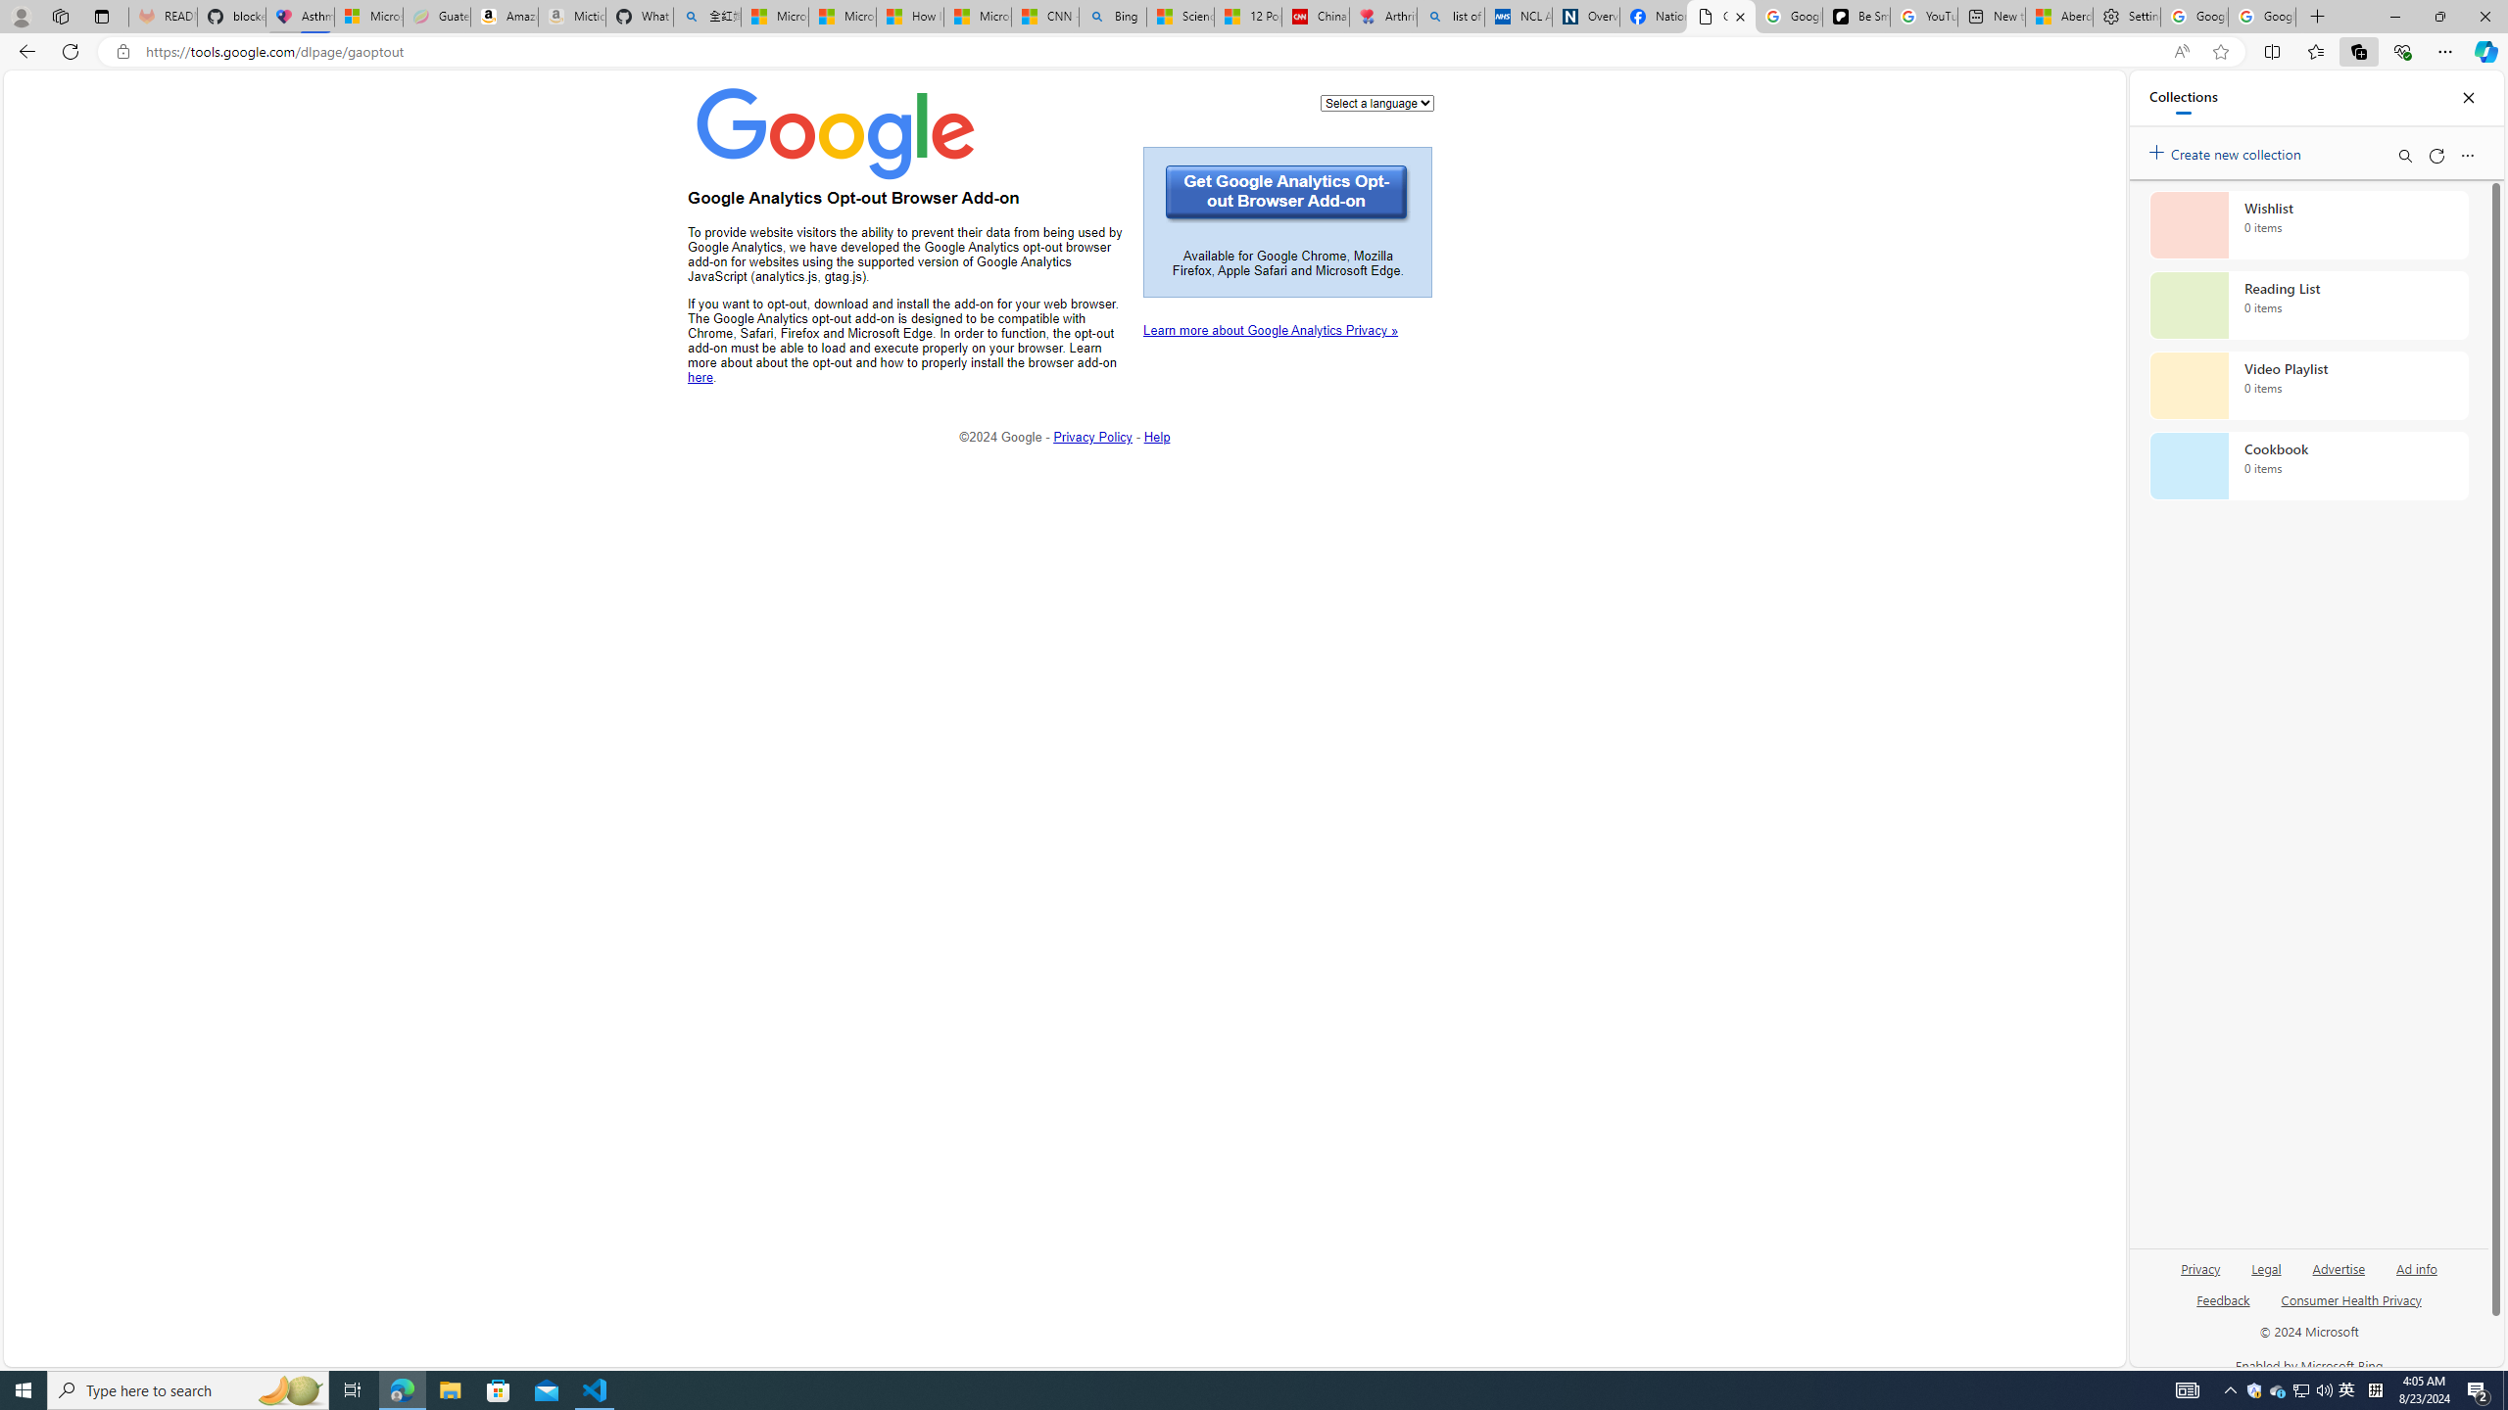 This screenshot has width=2508, height=1410. Describe the element at coordinates (367, 16) in the screenshot. I see `'Microsoft-Report a Concern to Bing'` at that location.